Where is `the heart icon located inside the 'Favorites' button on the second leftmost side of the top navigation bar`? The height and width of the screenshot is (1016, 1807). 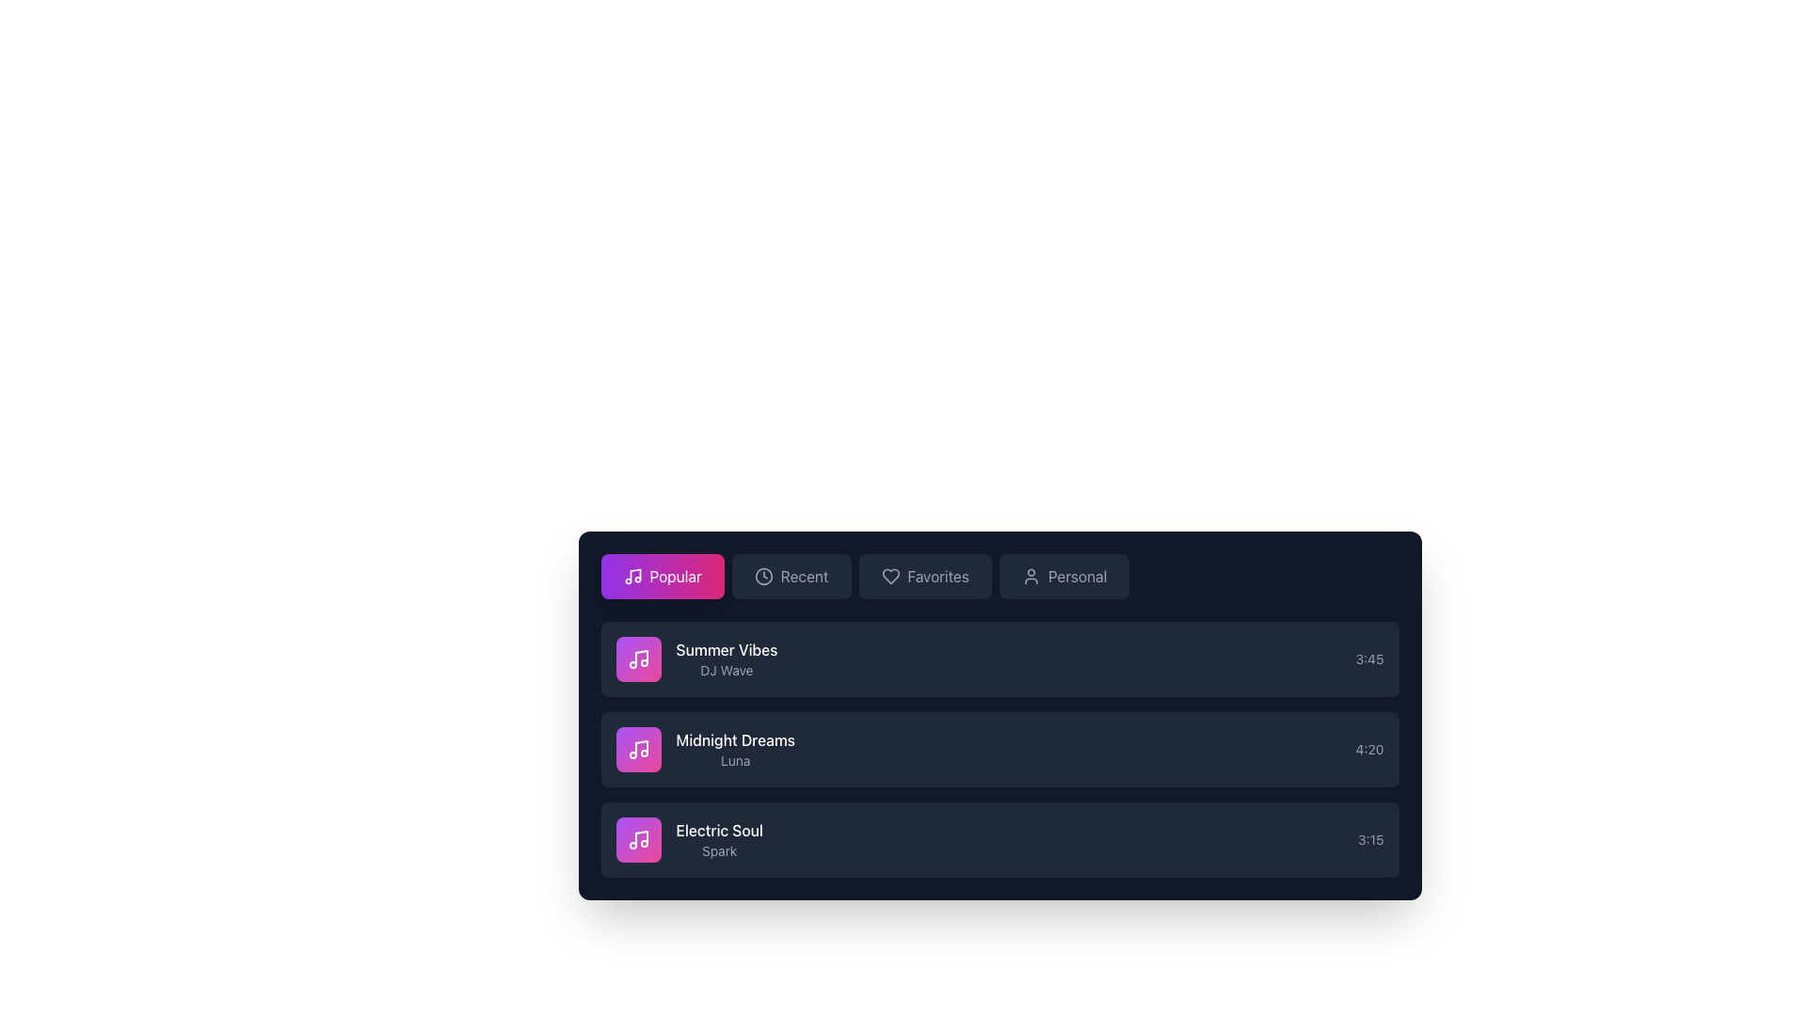 the heart icon located inside the 'Favorites' button on the second leftmost side of the top navigation bar is located at coordinates (889, 576).